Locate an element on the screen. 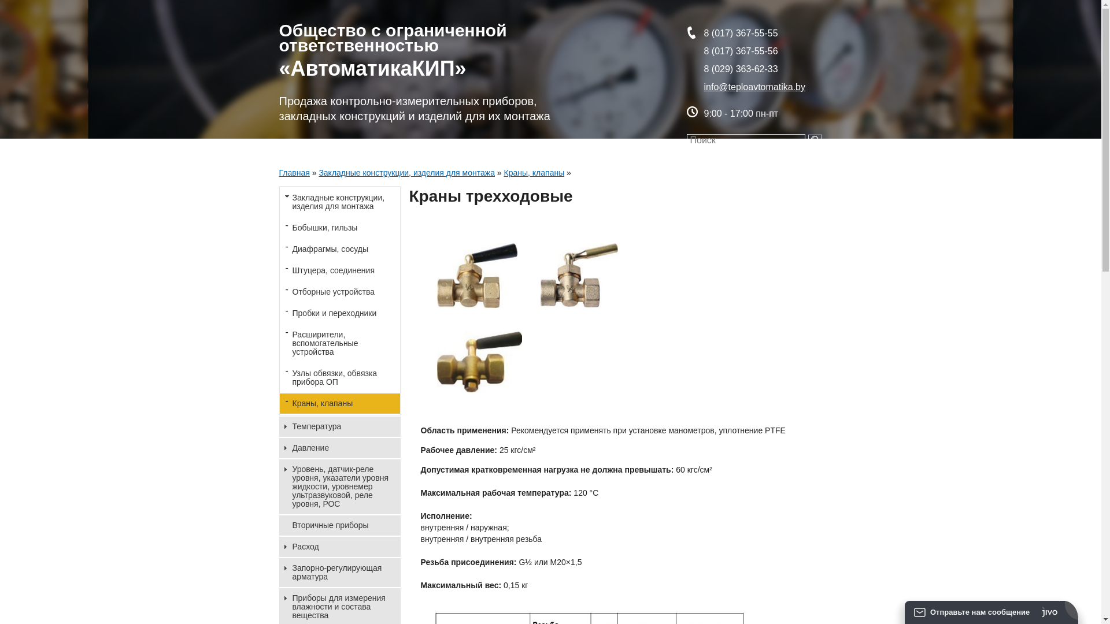 The image size is (1110, 624). 'info@teploavtomatika.by' is located at coordinates (754, 86).